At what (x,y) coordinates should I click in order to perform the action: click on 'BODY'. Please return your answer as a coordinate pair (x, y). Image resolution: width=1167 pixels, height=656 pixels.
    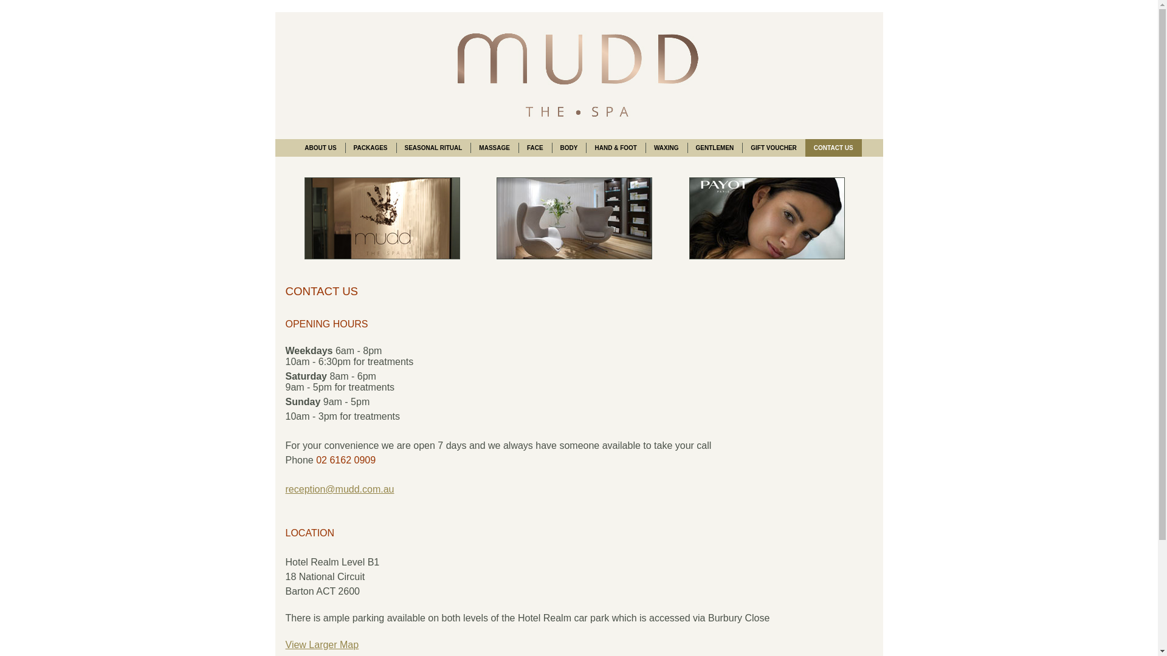
    Looking at the image, I should click on (568, 147).